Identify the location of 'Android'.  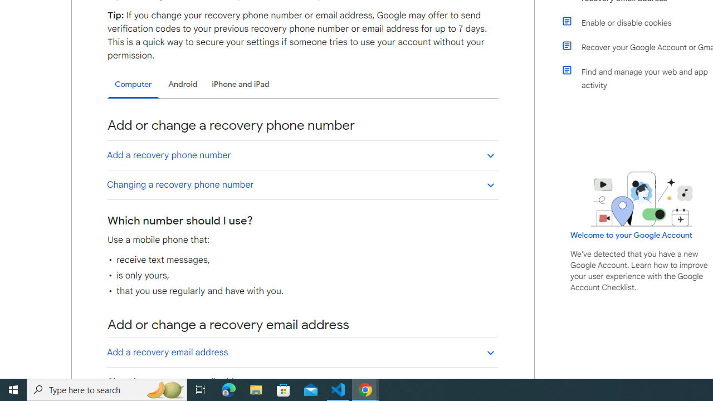
(183, 84).